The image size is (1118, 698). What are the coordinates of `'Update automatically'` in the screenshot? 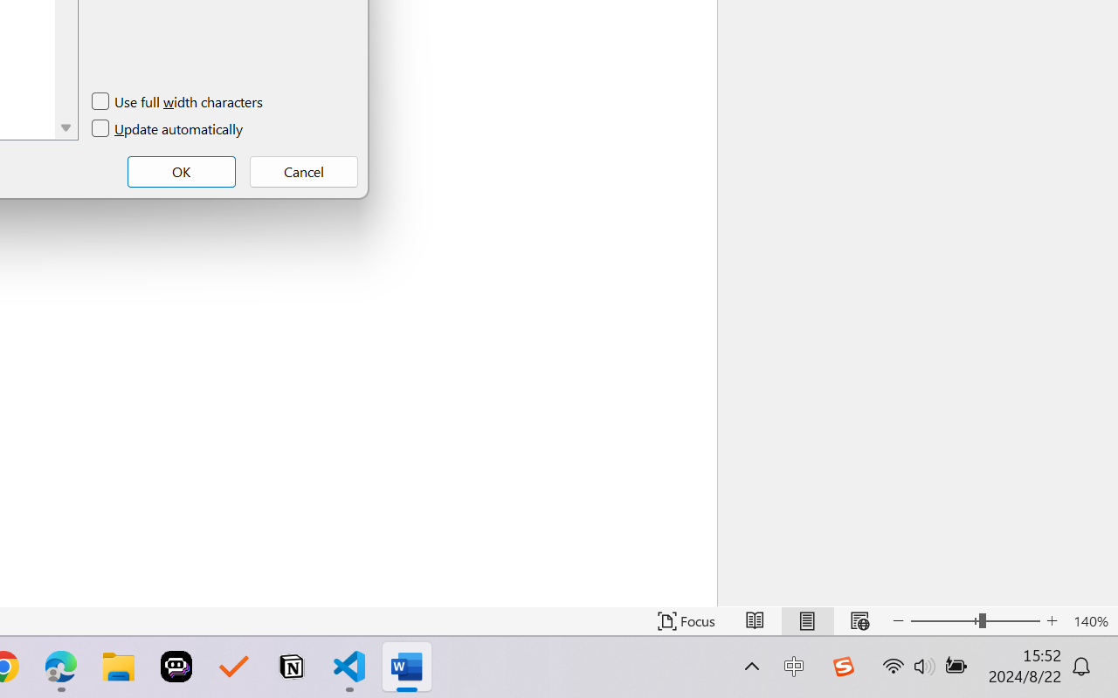 It's located at (169, 129).